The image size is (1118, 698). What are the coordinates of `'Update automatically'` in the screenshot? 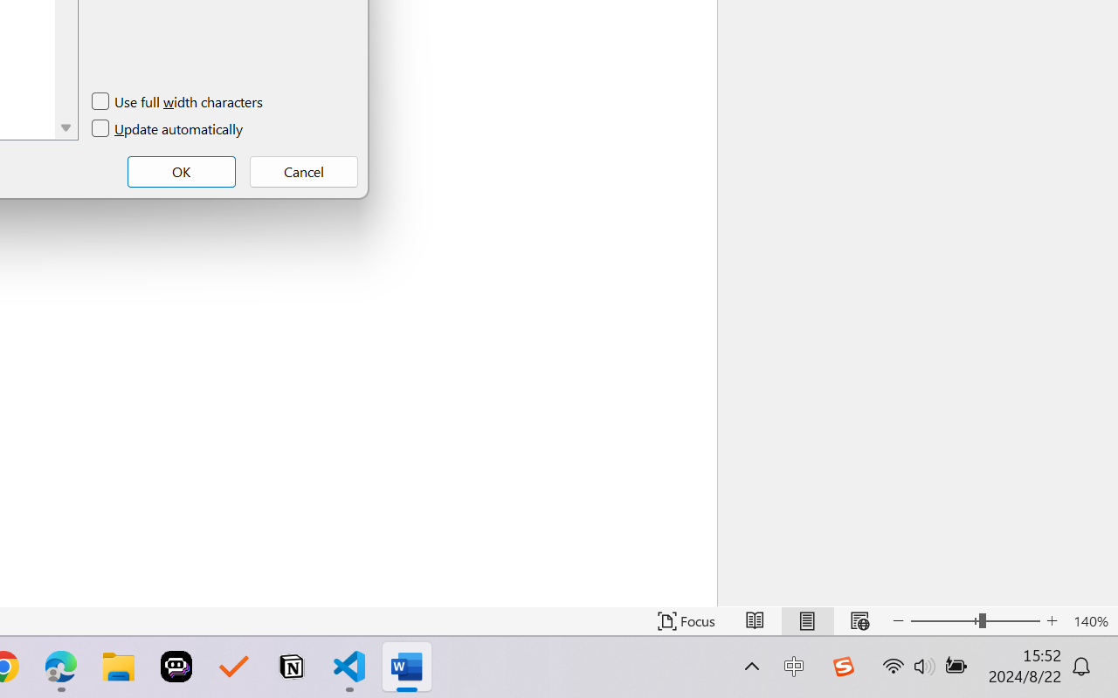 It's located at (169, 129).